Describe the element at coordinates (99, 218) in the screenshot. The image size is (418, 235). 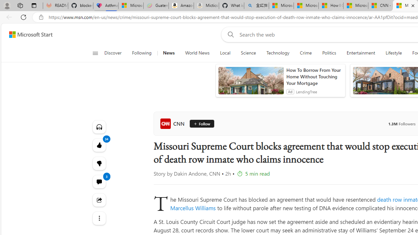
I see `'Class: at-item'` at that location.